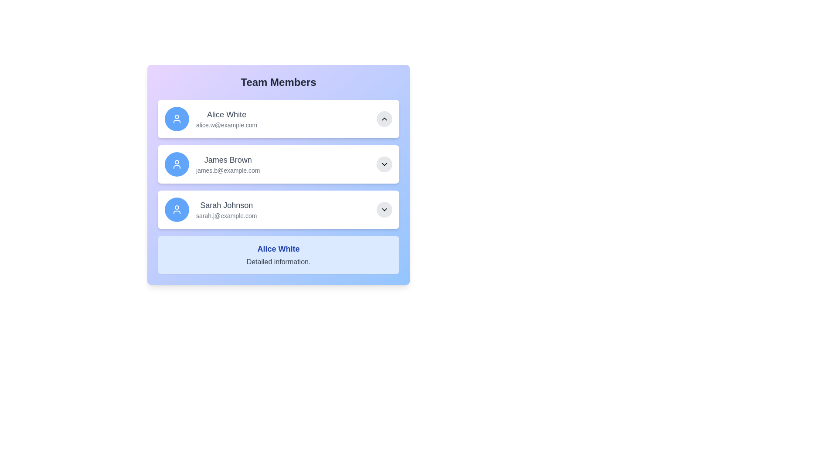  Describe the element at coordinates (384, 164) in the screenshot. I see `the dropdown toggle button located at the top-right corner of the 'James Brown' user card to observe hover effects` at that location.